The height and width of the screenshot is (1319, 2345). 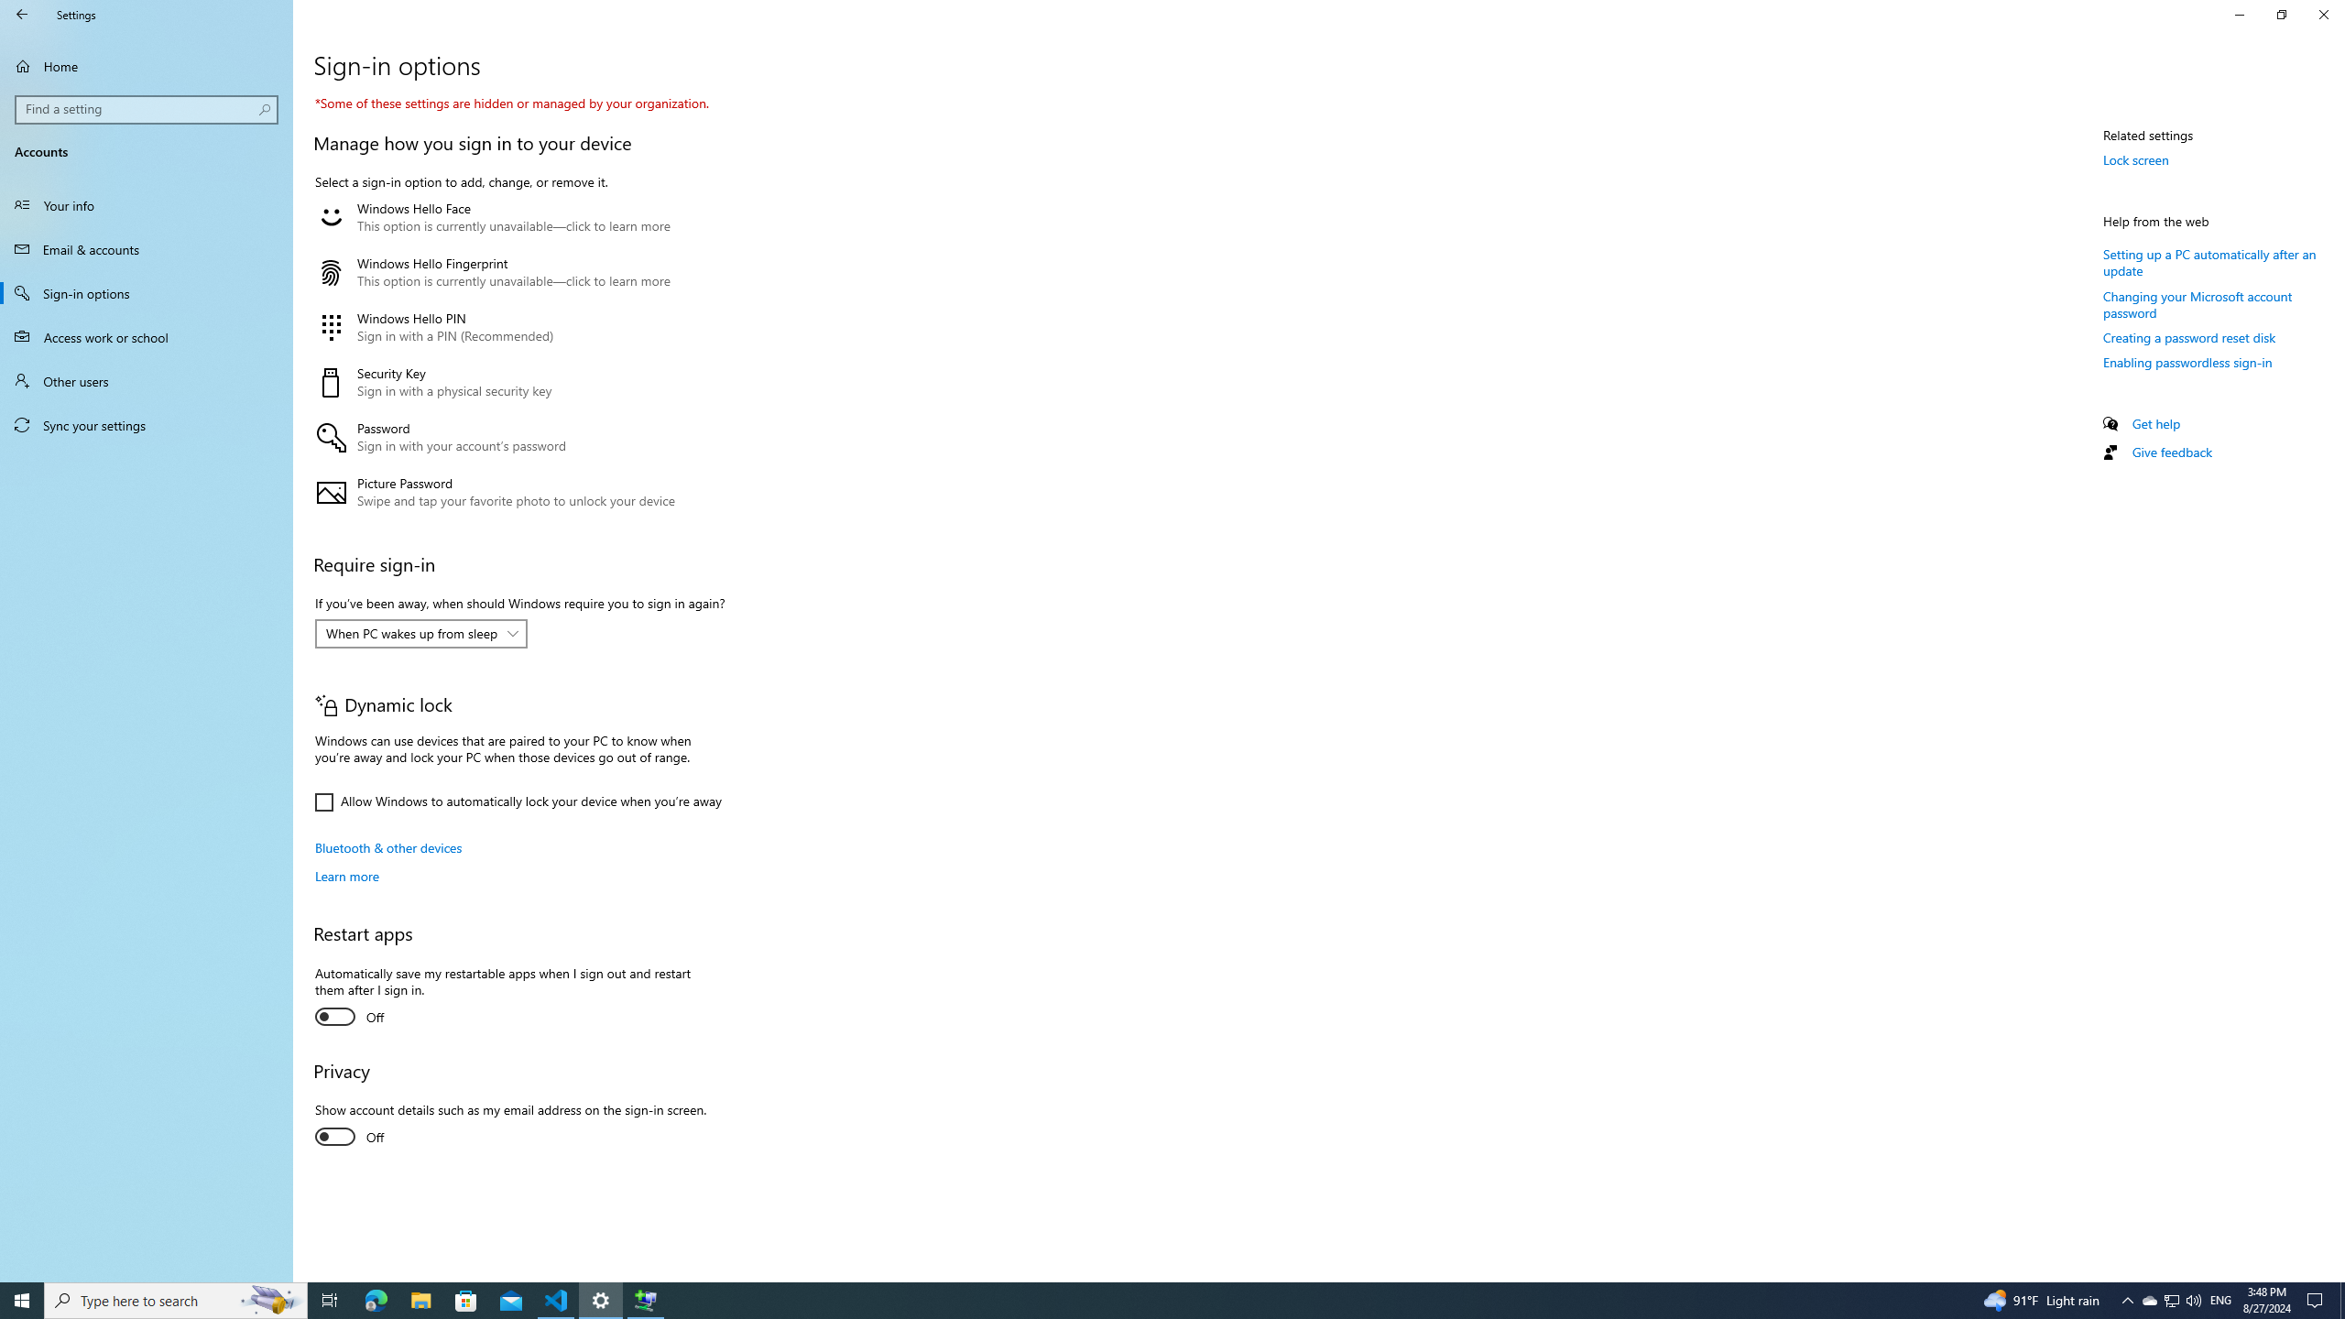 What do you see at coordinates (147, 108) in the screenshot?
I see `'Search box, Find a setting'` at bounding box center [147, 108].